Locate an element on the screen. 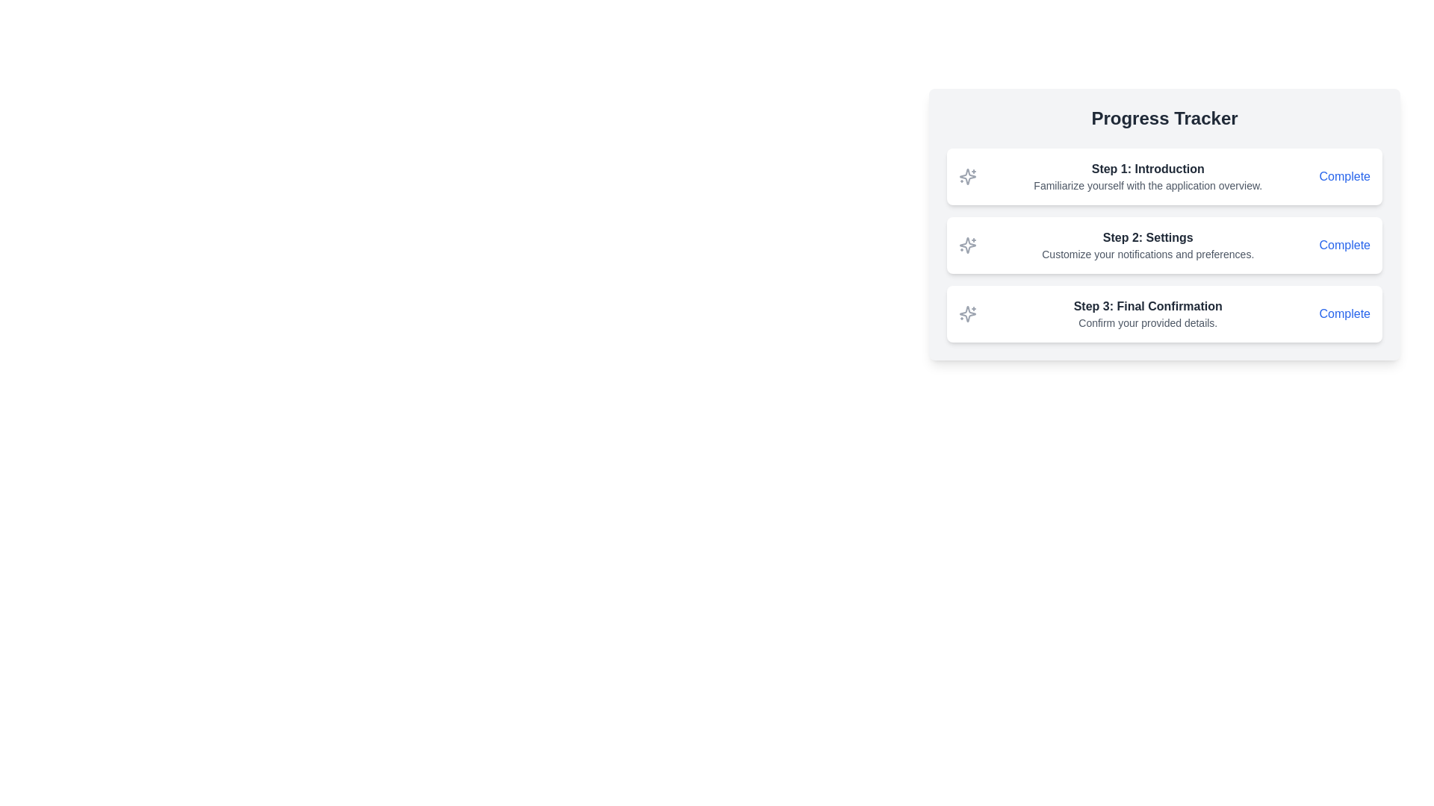 Image resolution: width=1434 pixels, height=806 pixels. the central star-like graphical vector element within the larger sparkles SVG icon associated with 'Step 2: Settings' in the progress tracker is located at coordinates (968, 244).